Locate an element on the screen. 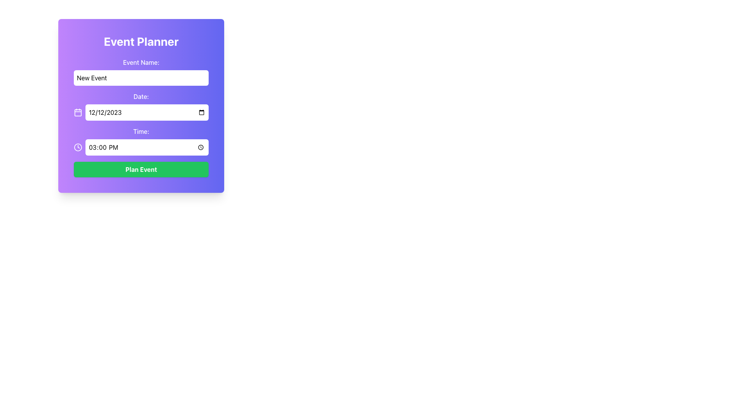 The image size is (746, 419). text displayed on the text label that says 'Time:' in white, located within a vertical form layout, positioned below the label 'Date:' is located at coordinates (141, 131).